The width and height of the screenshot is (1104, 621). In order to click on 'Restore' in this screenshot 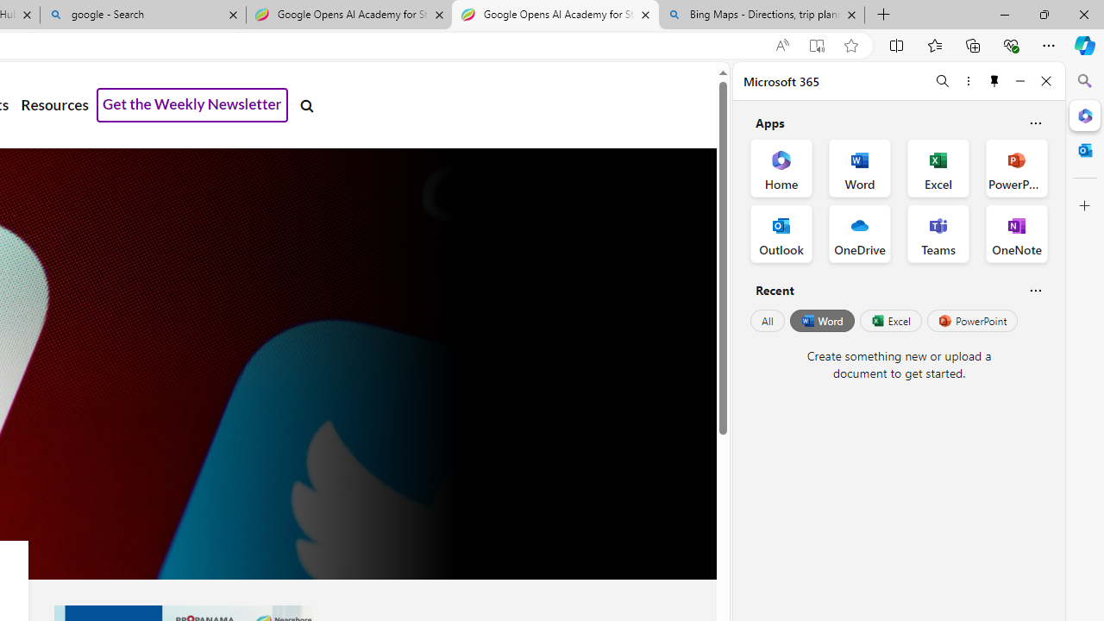, I will do `click(1043, 14)`.